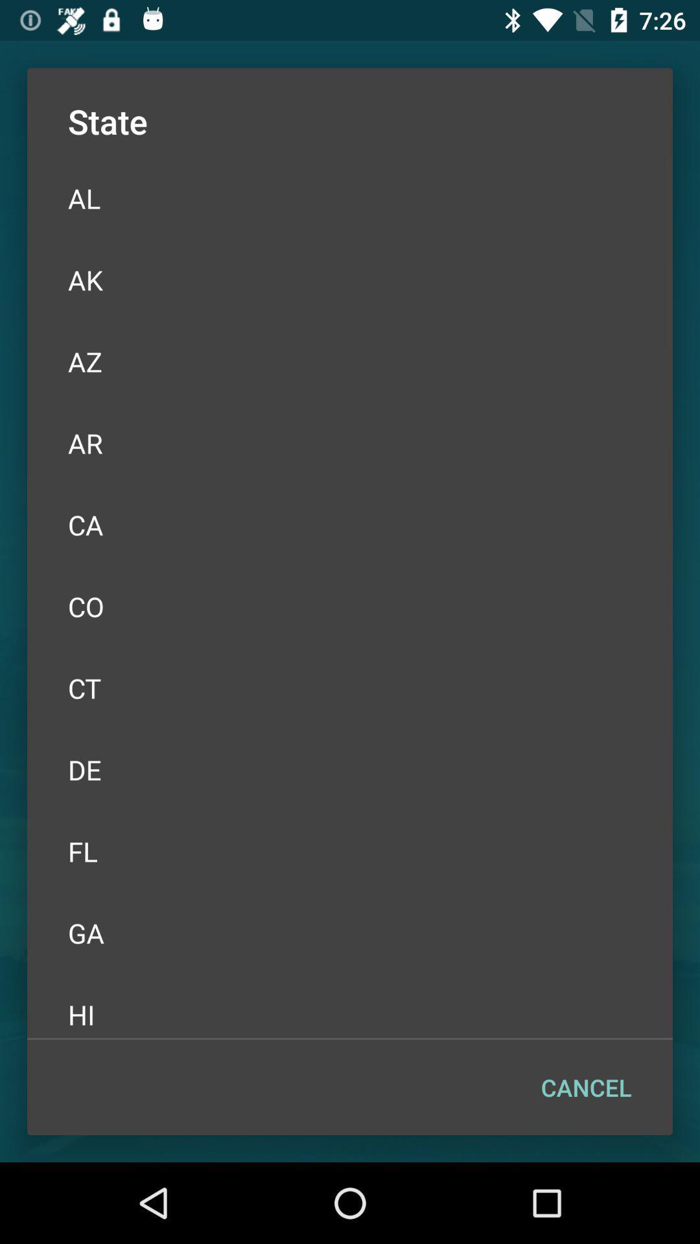  Describe the element at coordinates (350, 933) in the screenshot. I see `the ga` at that location.